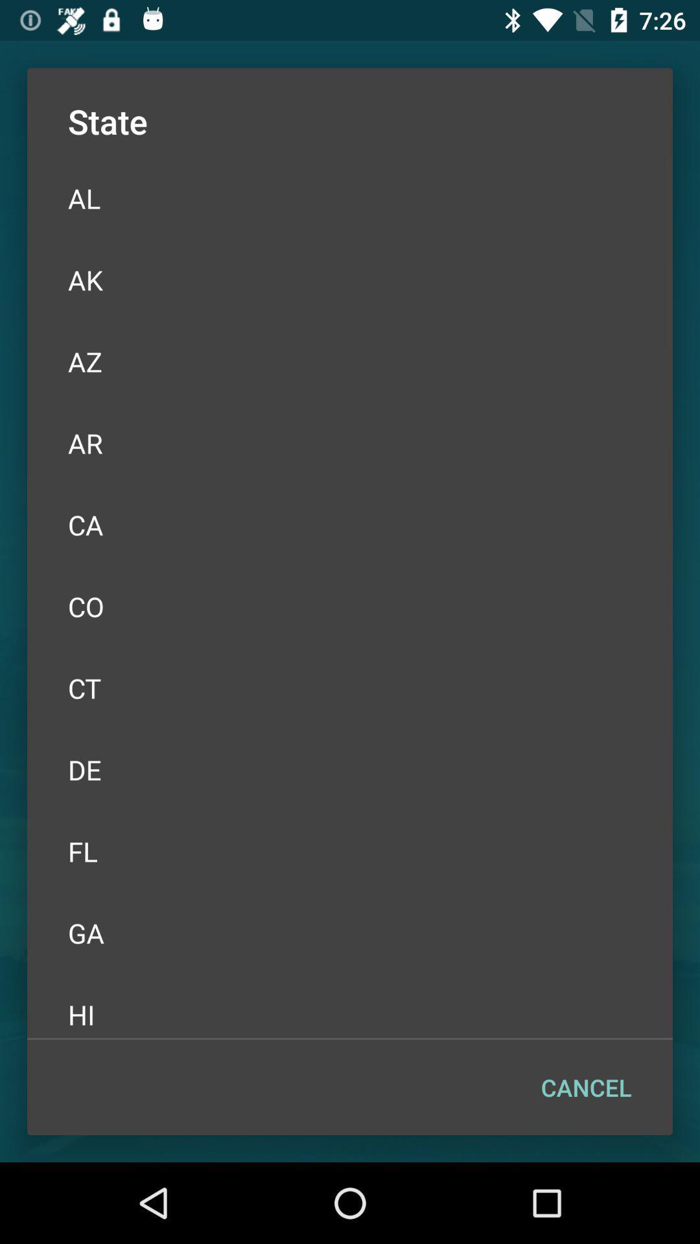  Describe the element at coordinates (350, 933) in the screenshot. I see `the ga` at that location.